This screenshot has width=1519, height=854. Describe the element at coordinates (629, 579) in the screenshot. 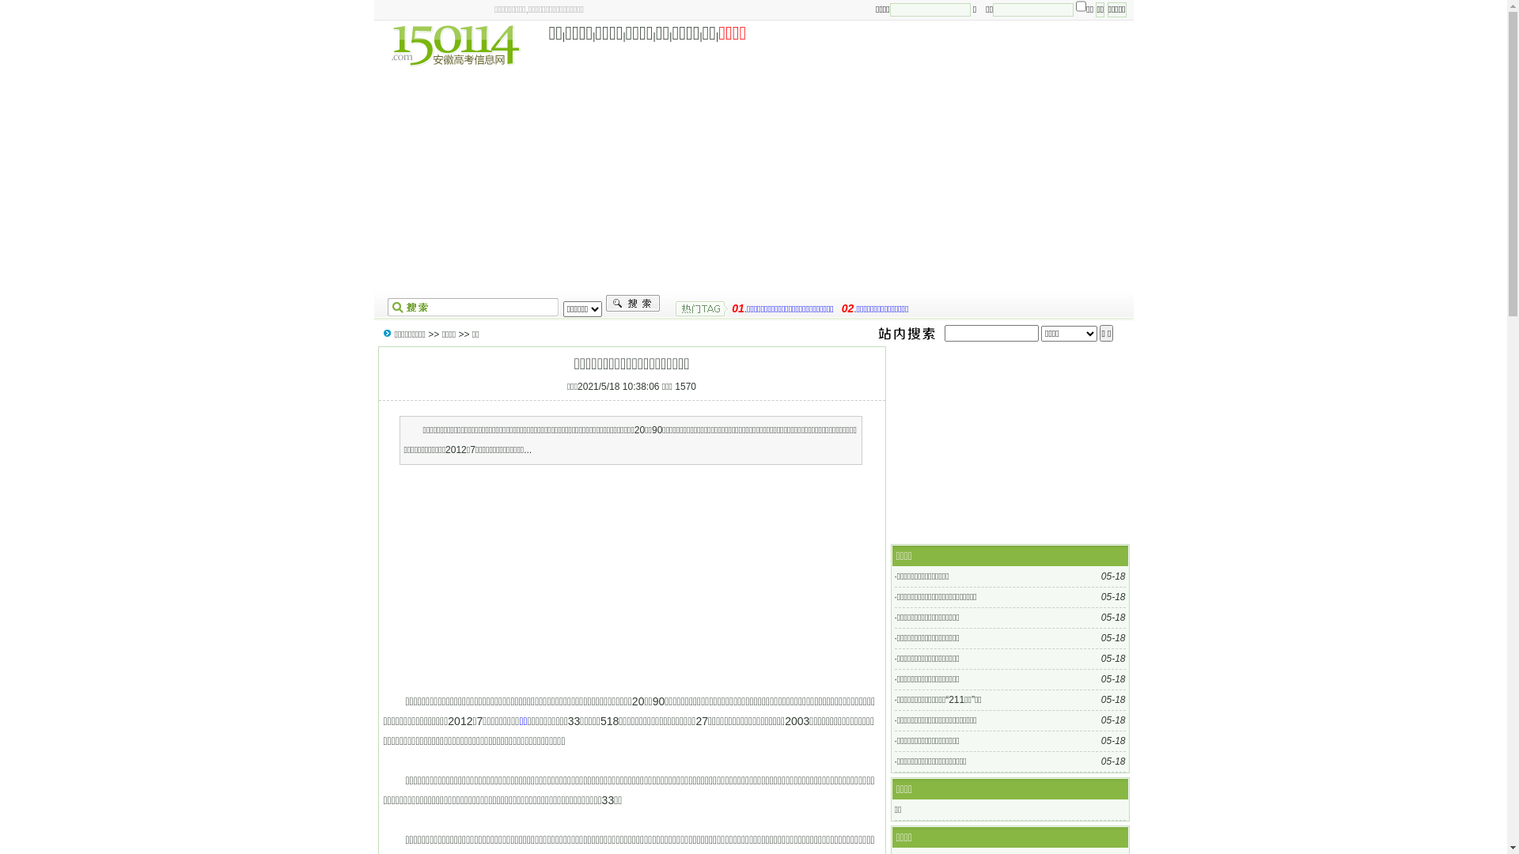

I see `'Advertisement'` at that location.